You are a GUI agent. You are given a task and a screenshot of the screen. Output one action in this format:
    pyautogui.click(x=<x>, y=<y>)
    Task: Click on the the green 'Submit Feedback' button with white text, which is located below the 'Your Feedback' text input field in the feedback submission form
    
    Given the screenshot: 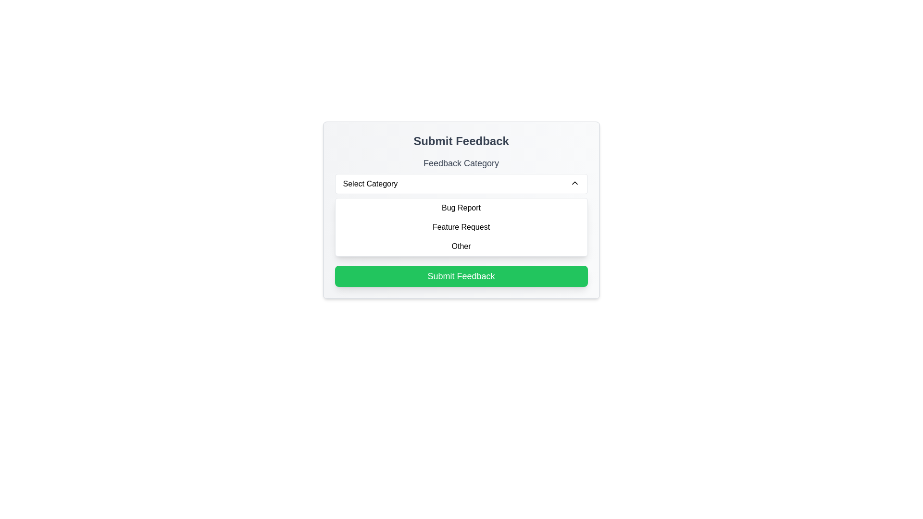 What is the action you would take?
    pyautogui.click(x=461, y=276)
    